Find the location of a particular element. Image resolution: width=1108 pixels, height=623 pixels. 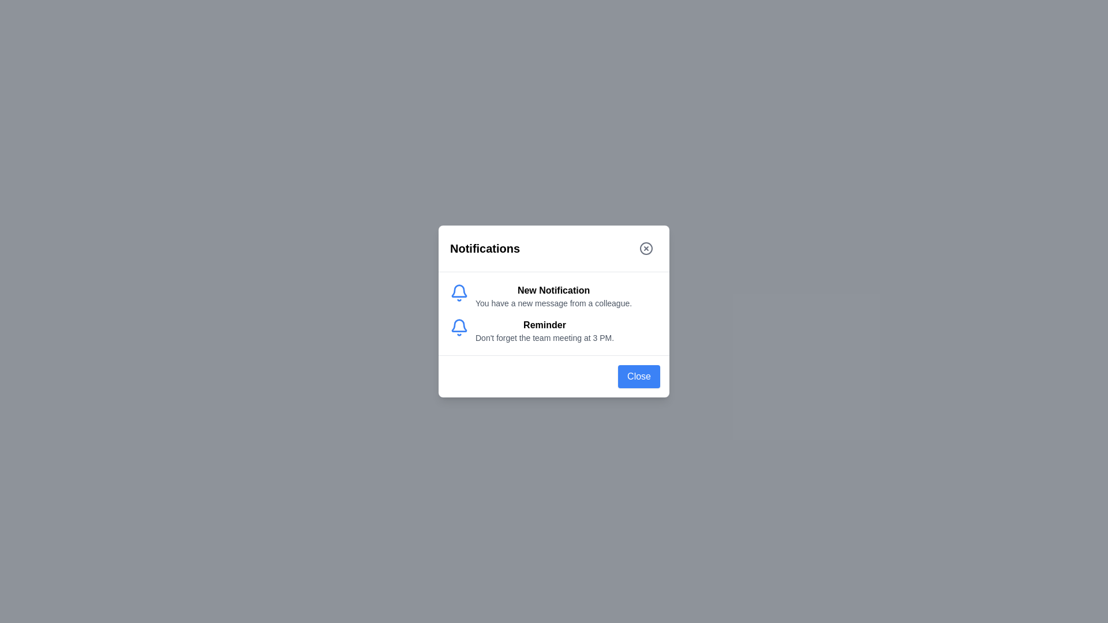

the close button located at the bottom-right corner of the modal, which is the sole interactive element is located at coordinates (638, 376).